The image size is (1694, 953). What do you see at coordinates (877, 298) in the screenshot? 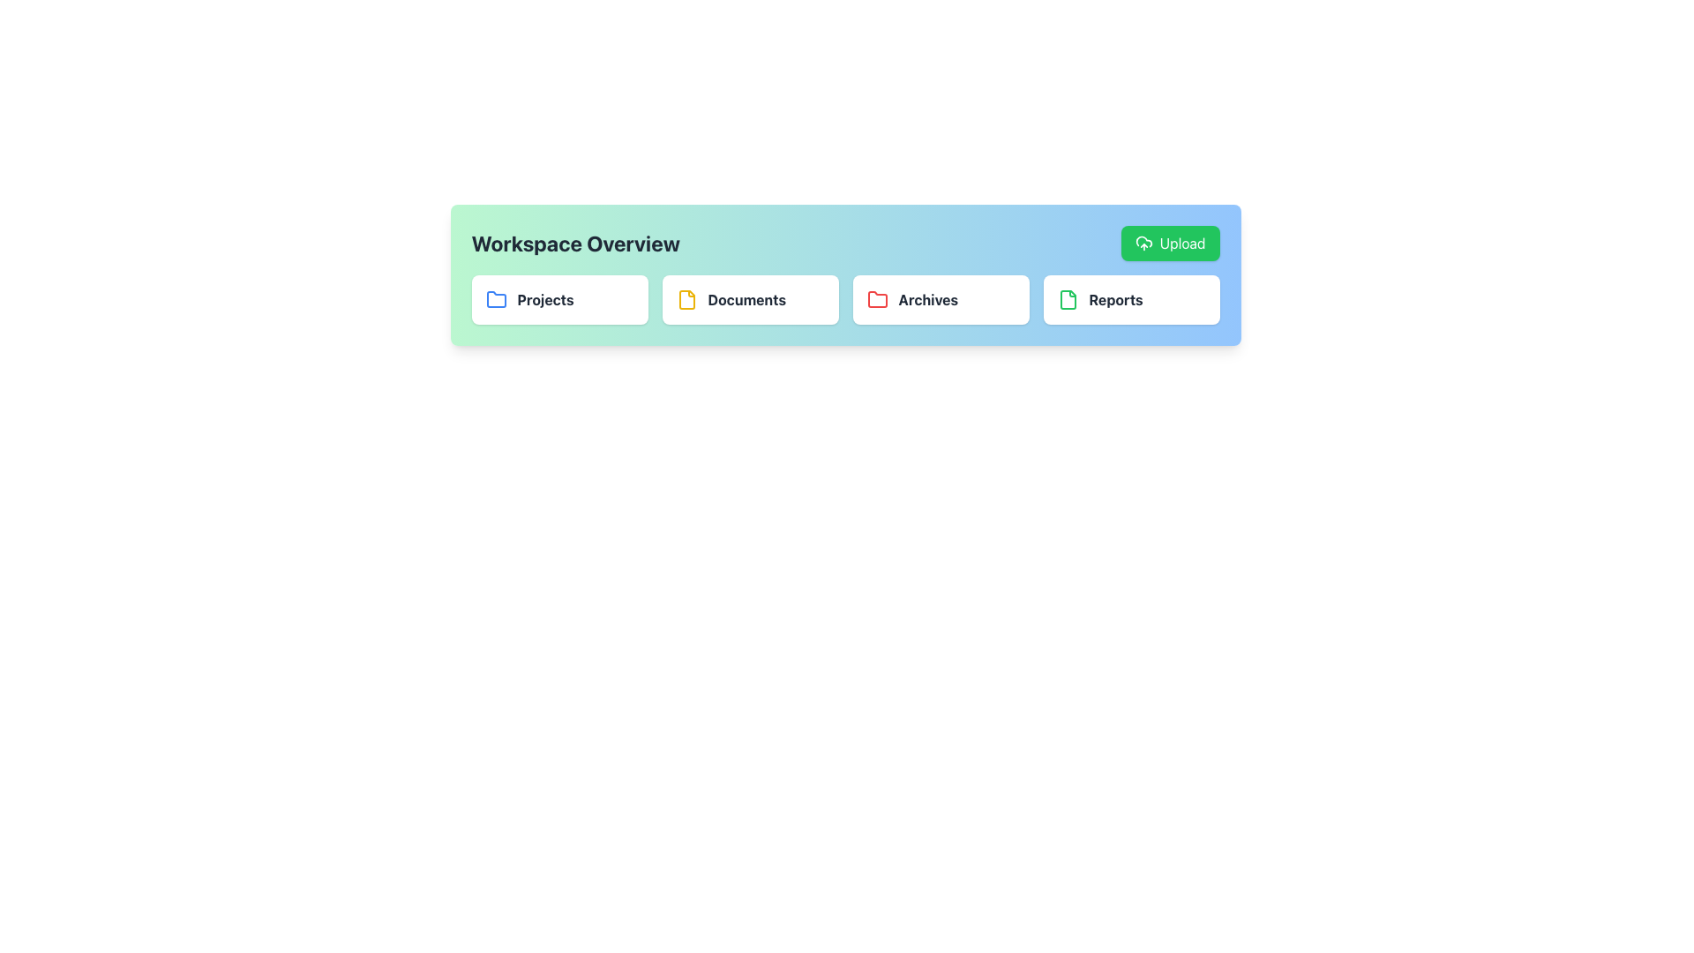
I see `the red folder icon associated with the 'Archives' label` at bounding box center [877, 298].